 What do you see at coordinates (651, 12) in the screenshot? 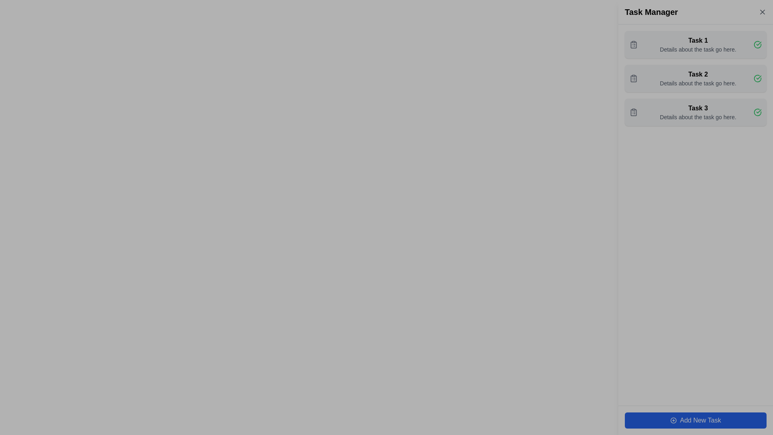
I see `the 'Task Manager' text label, which is bold, extra-large, and aligned to the left in the sidebar at the top of the interface` at bounding box center [651, 12].